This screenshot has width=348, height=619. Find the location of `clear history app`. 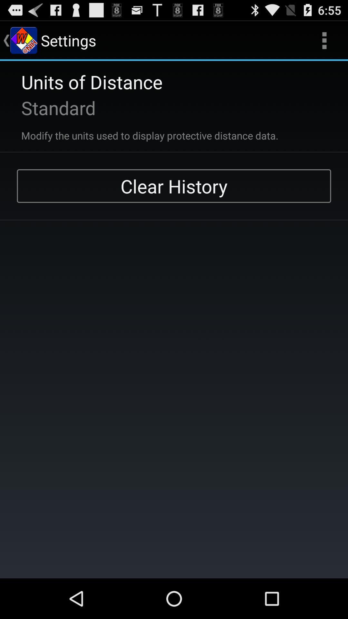

clear history app is located at coordinates (174, 186).